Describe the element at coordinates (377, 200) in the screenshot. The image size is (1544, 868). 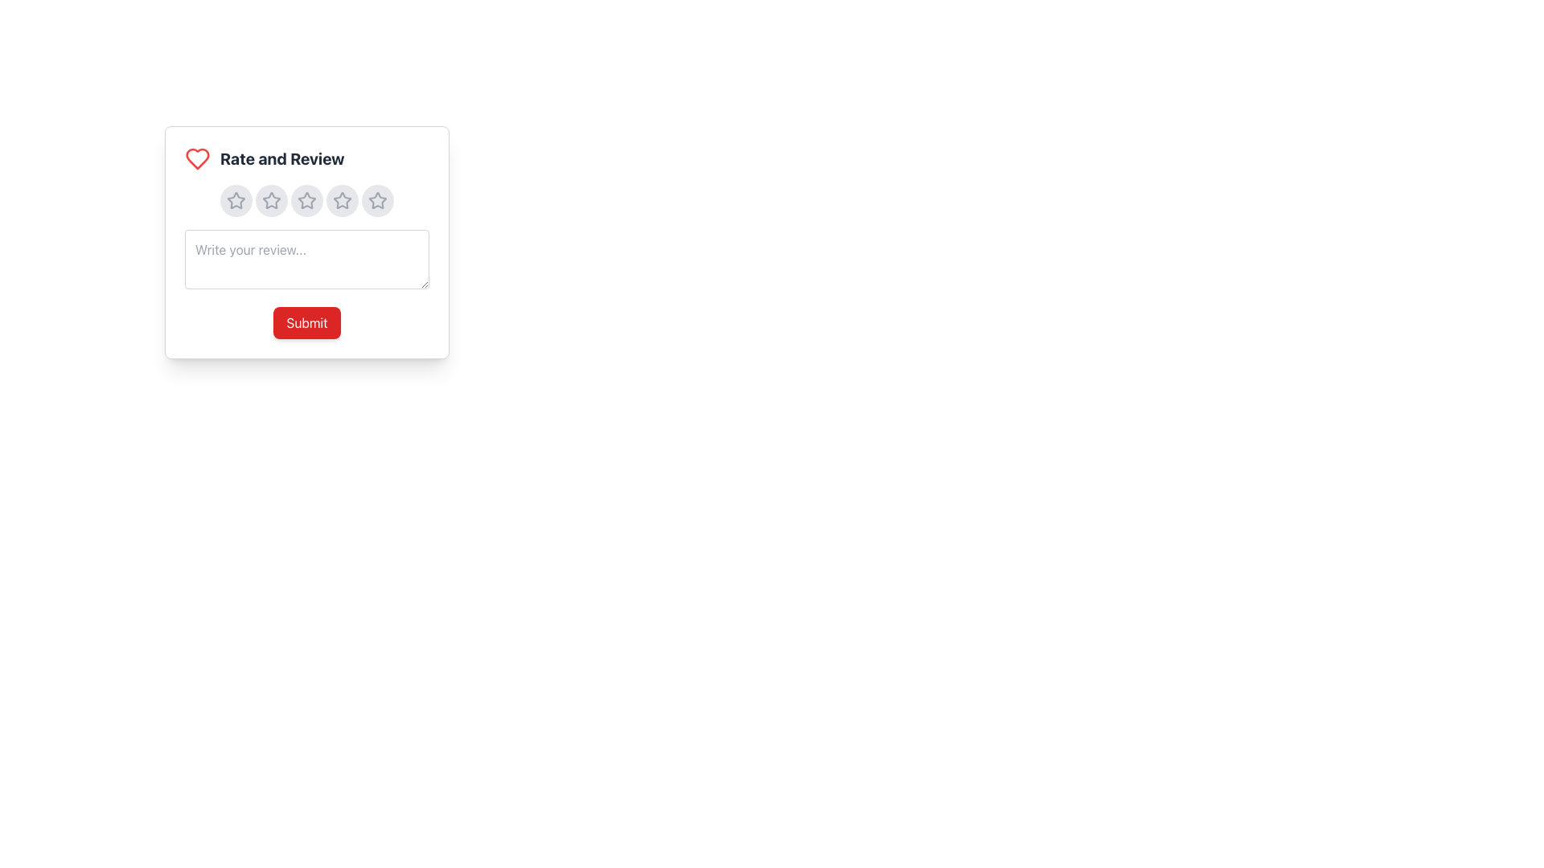
I see `the fifth rating star icon, which is a circular icon with a pale gray background and an outlined hollow star symbol` at that location.